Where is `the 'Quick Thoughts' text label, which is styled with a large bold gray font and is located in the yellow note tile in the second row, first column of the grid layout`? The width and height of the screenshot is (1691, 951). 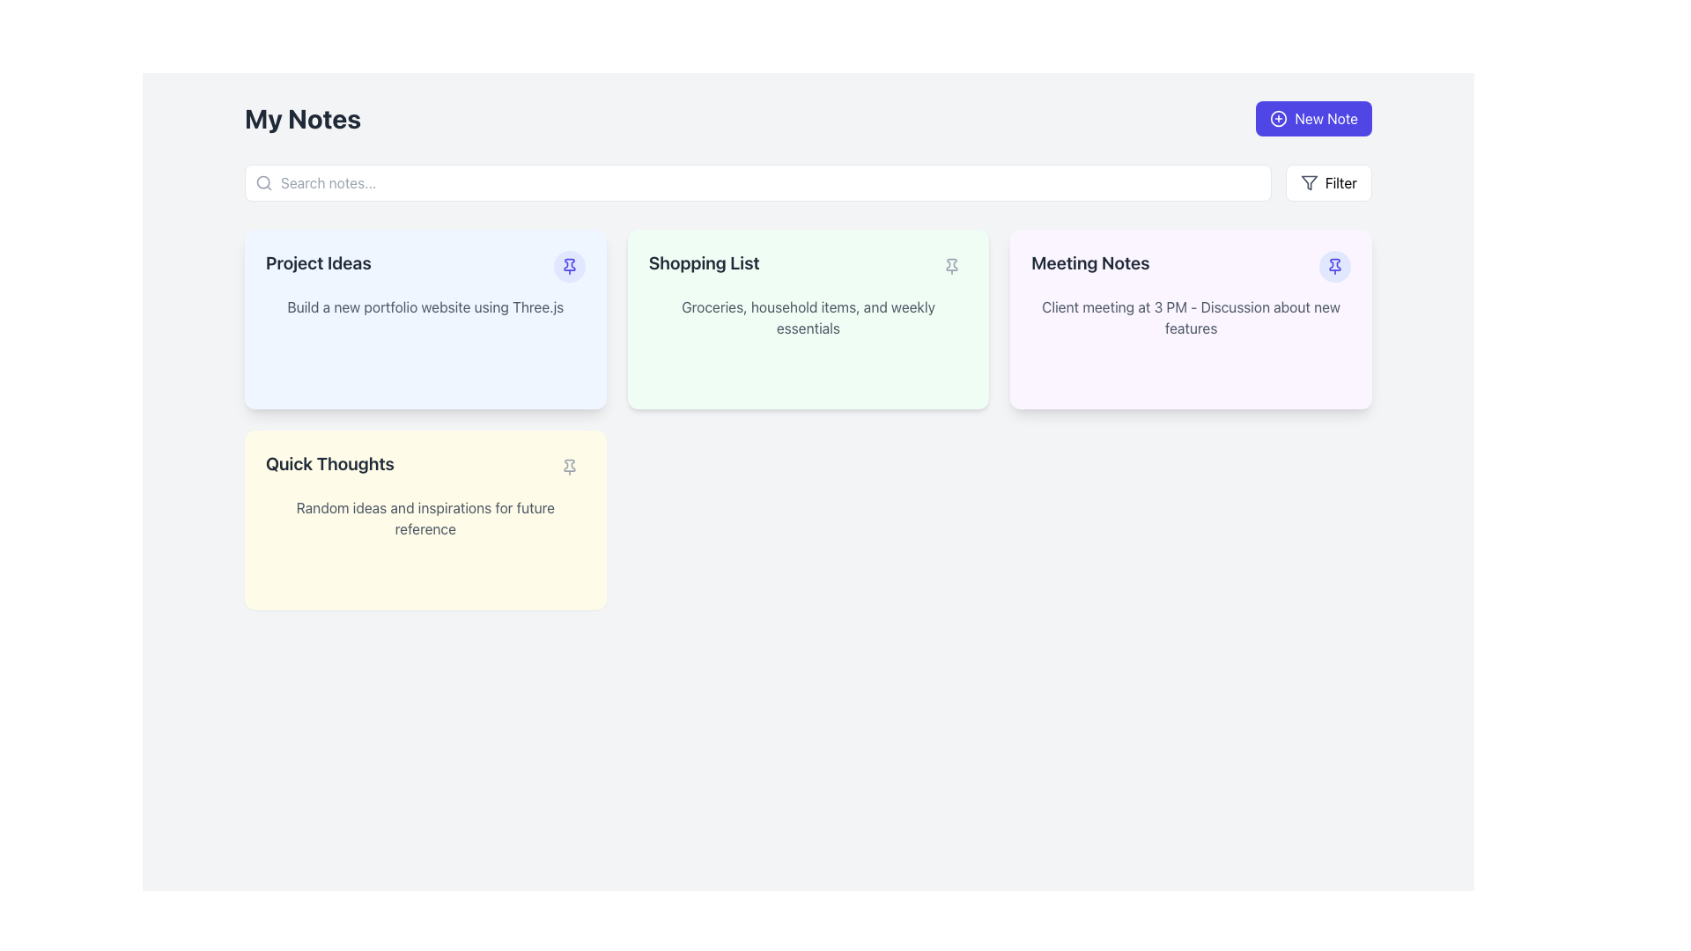
the 'Quick Thoughts' text label, which is styled with a large bold gray font and is located in the yellow note tile in the second row, first column of the grid layout is located at coordinates (329, 463).